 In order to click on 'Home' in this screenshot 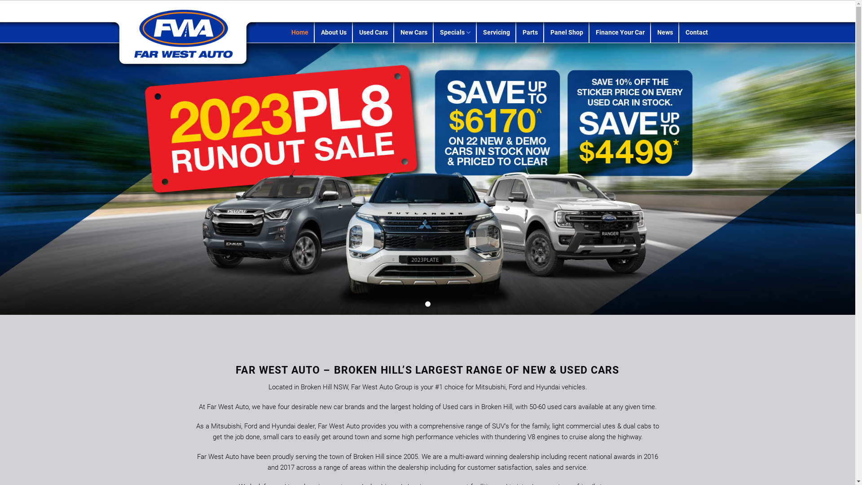, I will do `click(299, 32)`.